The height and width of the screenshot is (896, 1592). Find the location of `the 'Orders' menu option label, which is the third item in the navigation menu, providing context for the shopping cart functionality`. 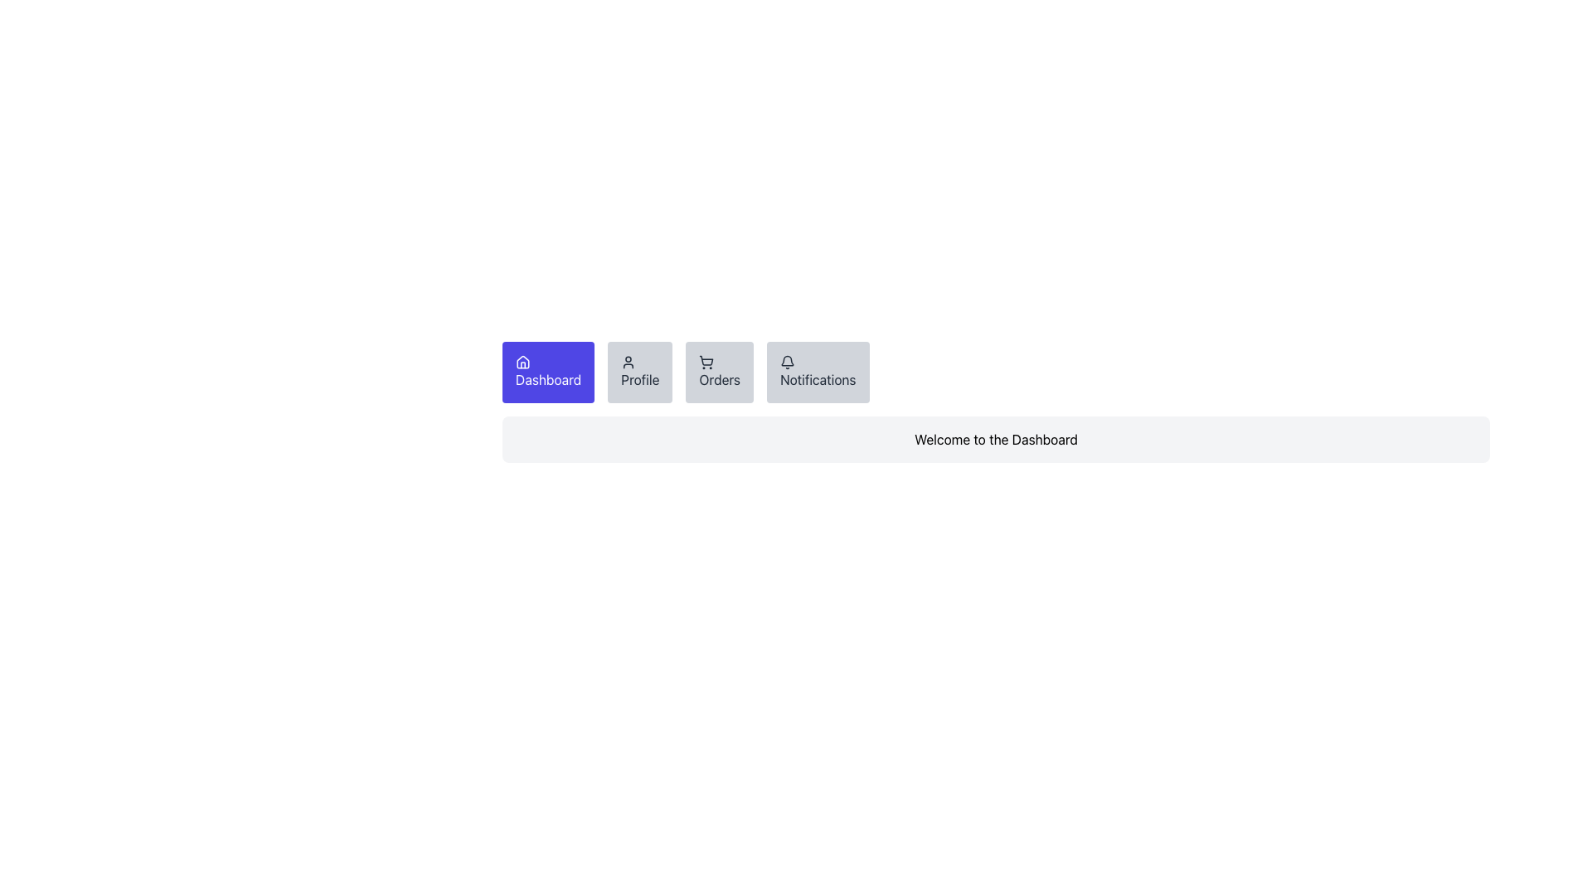

the 'Orders' menu option label, which is the third item in the navigation menu, providing context for the shopping cart functionality is located at coordinates (720, 380).